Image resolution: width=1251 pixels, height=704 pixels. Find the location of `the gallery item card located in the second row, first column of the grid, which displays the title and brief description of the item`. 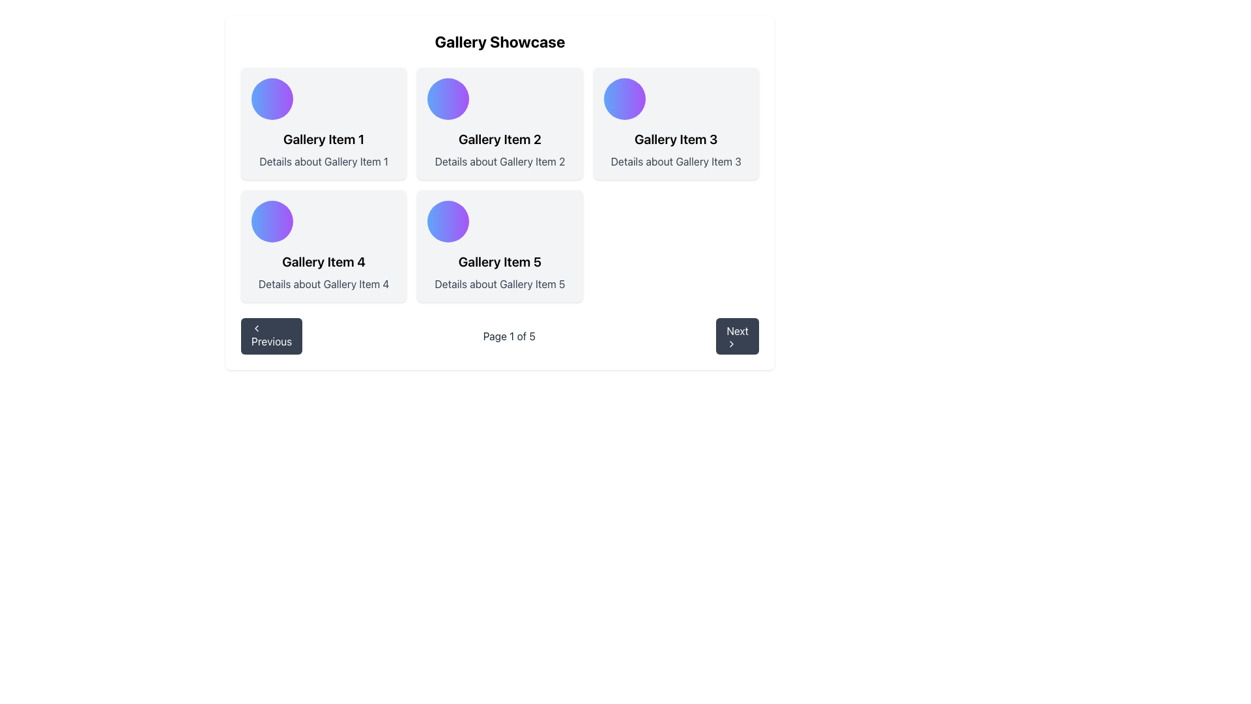

the gallery item card located in the second row, first column of the grid, which displays the title and brief description of the item is located at coordinates (324, 246).